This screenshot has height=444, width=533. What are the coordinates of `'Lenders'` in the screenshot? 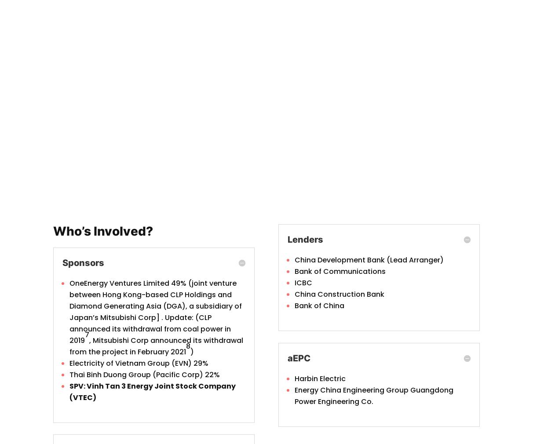 It's located at (305, 239).